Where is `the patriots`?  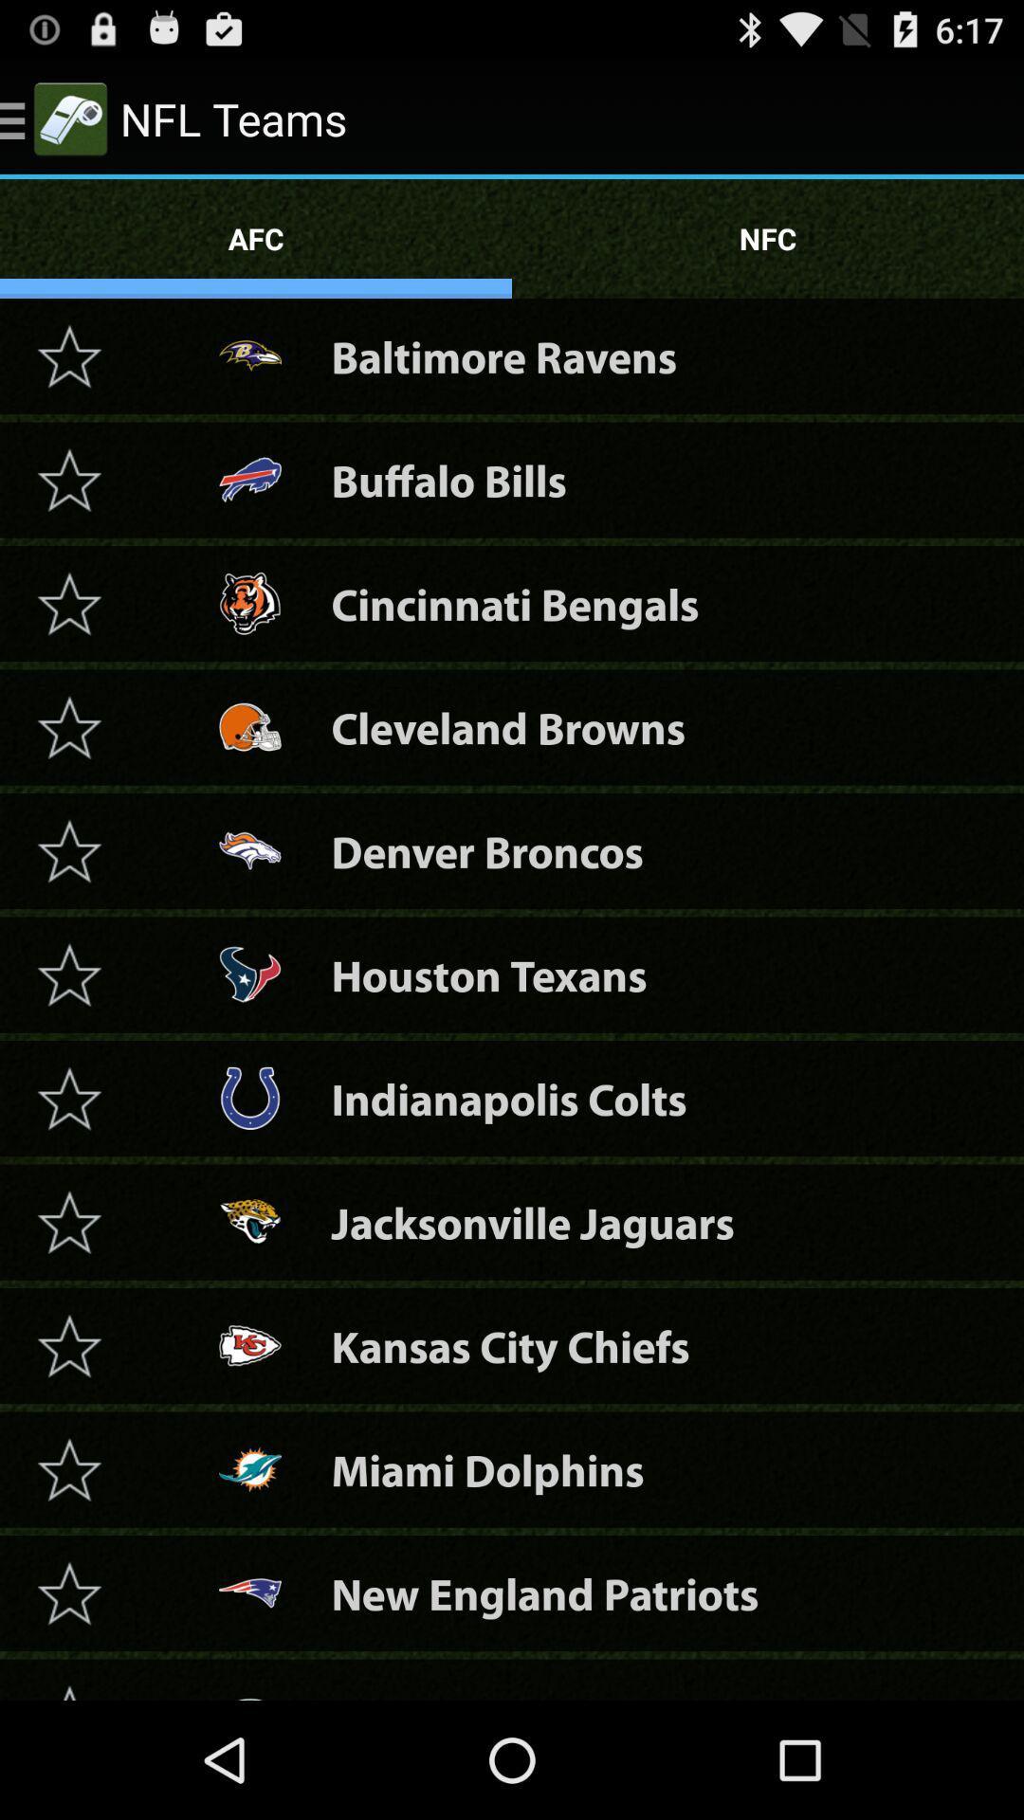
the patriots is located at coordinates (68, 1592).